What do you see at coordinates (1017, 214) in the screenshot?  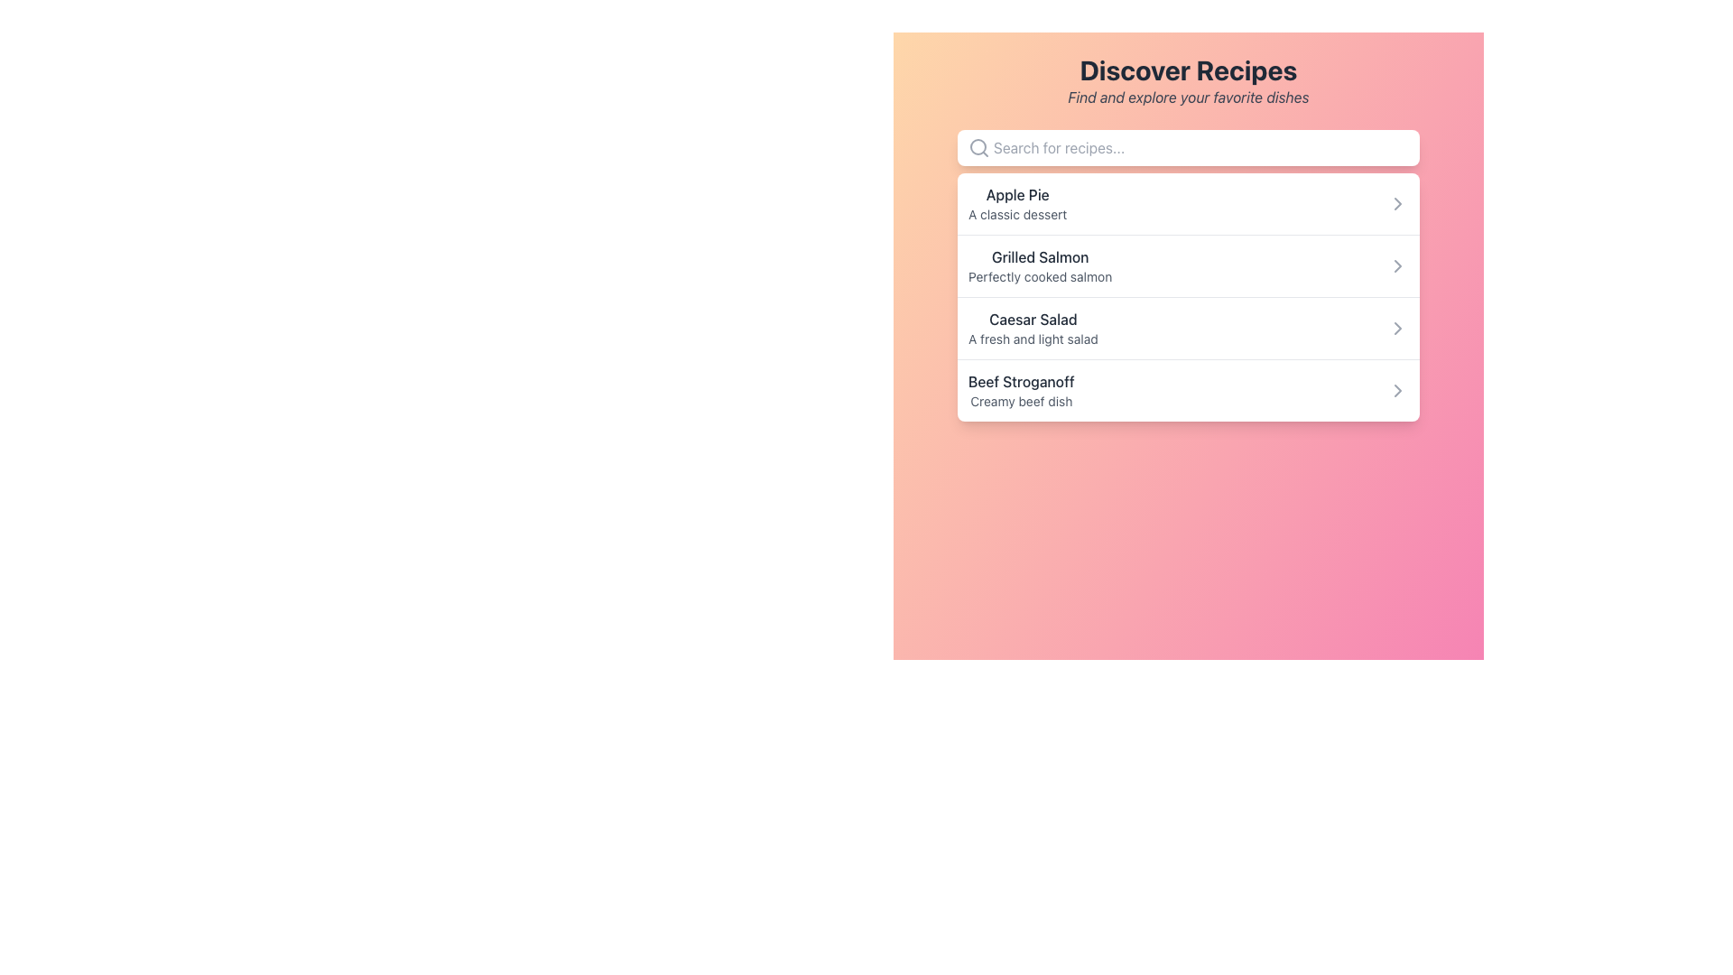 I see `the descriptive text label located directly underneath the 'Apple Pie' recipe title, which provides additional information about the recipe` at bounding box center [1017, 214].